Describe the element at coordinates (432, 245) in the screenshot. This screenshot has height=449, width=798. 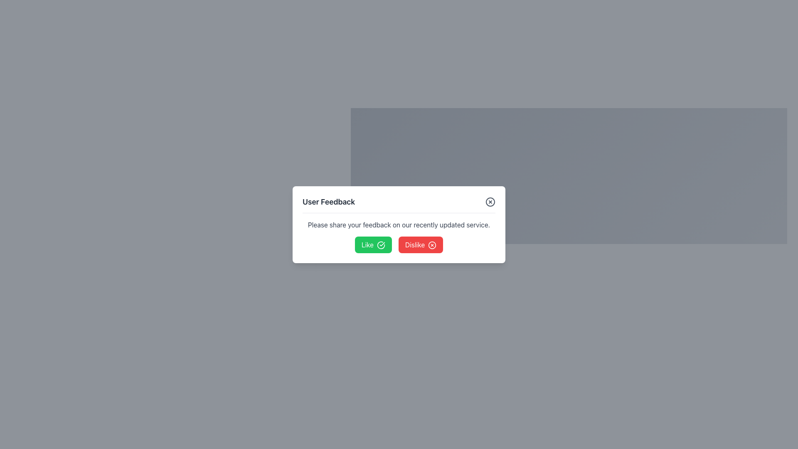
I see `the small red button-like graphic icon featuring an 'x' that is adjacent to the 'Dislike' text on the button` at that location.